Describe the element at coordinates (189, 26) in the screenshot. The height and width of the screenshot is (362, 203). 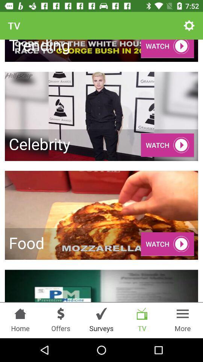
I see `the icon to the right of tv icon` at that location.